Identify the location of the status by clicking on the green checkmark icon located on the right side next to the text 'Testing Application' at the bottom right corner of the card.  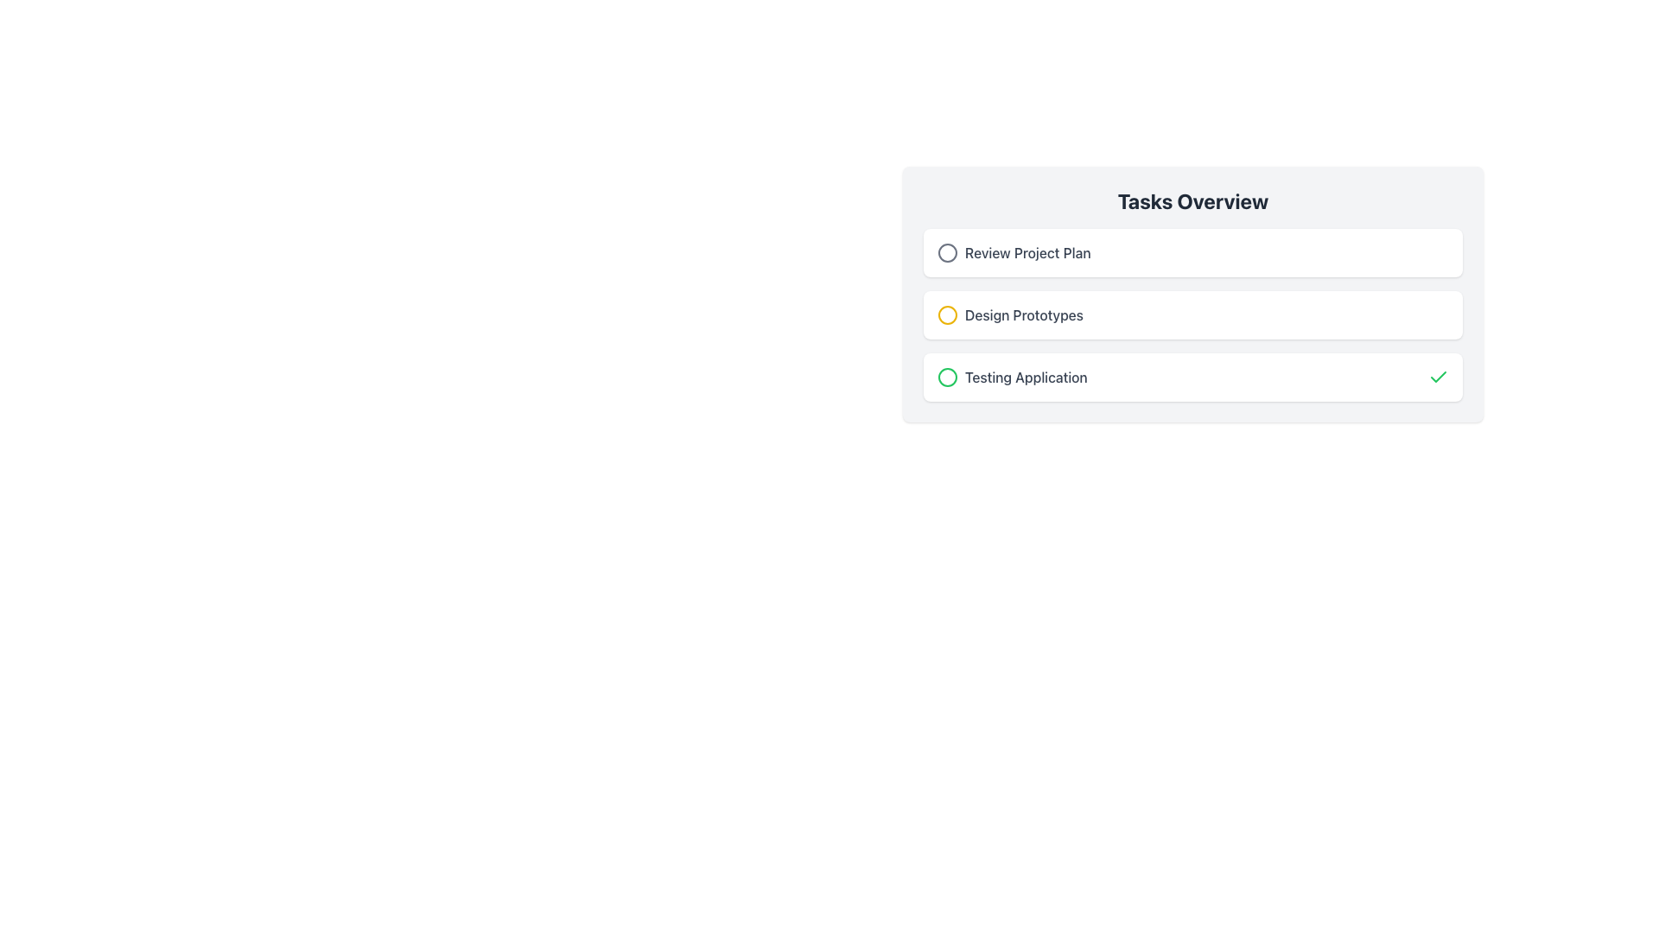
(1439, 376).